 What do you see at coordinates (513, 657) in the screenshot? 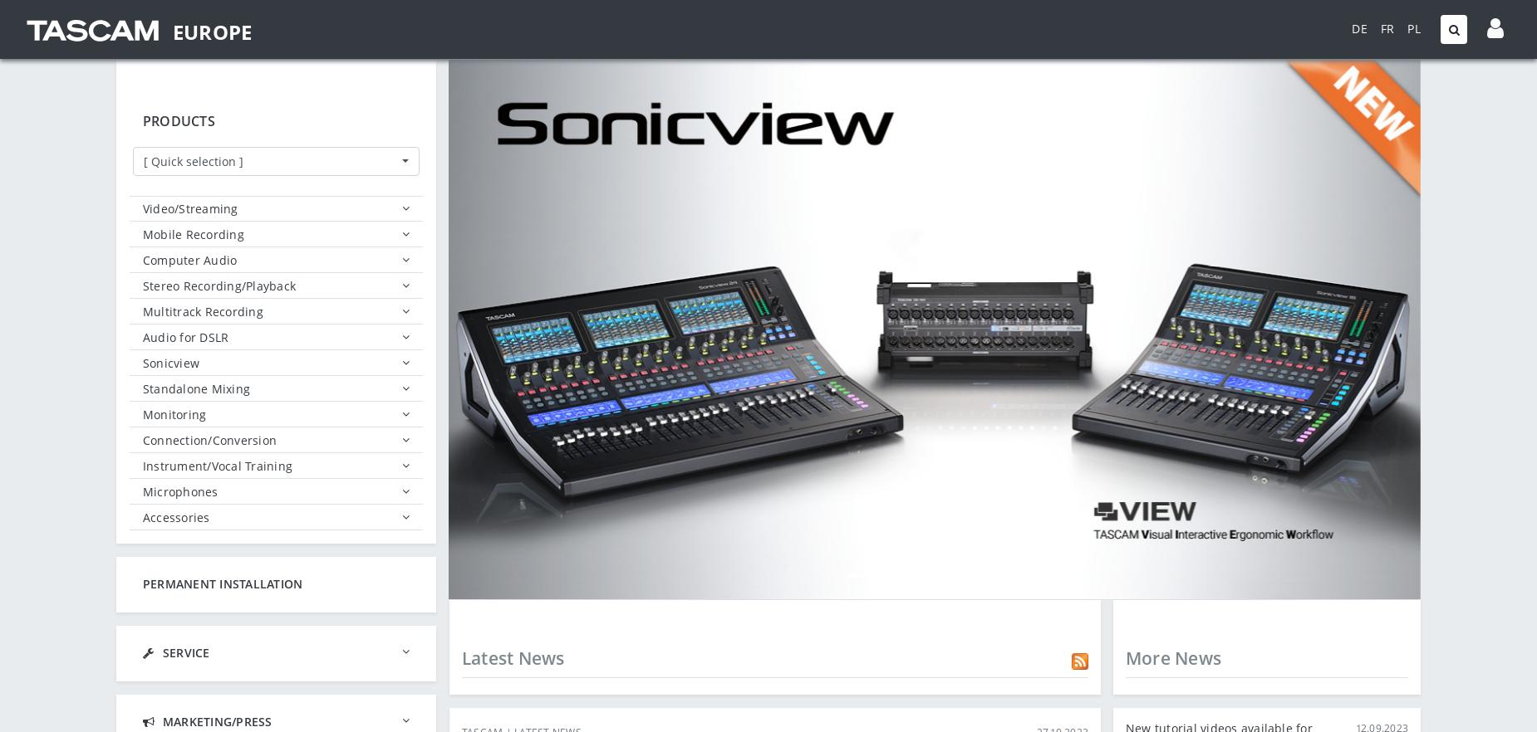
I see `'Latest News'` at bounding box center [513, 657].